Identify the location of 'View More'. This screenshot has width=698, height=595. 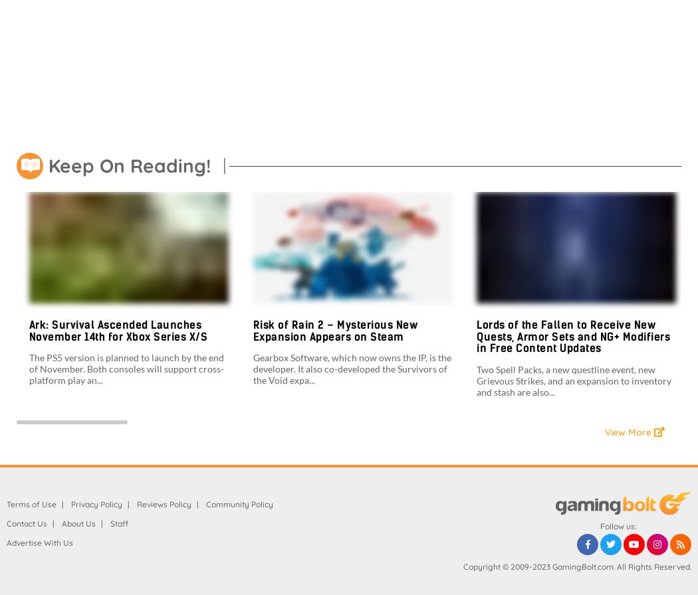
(628, 431).